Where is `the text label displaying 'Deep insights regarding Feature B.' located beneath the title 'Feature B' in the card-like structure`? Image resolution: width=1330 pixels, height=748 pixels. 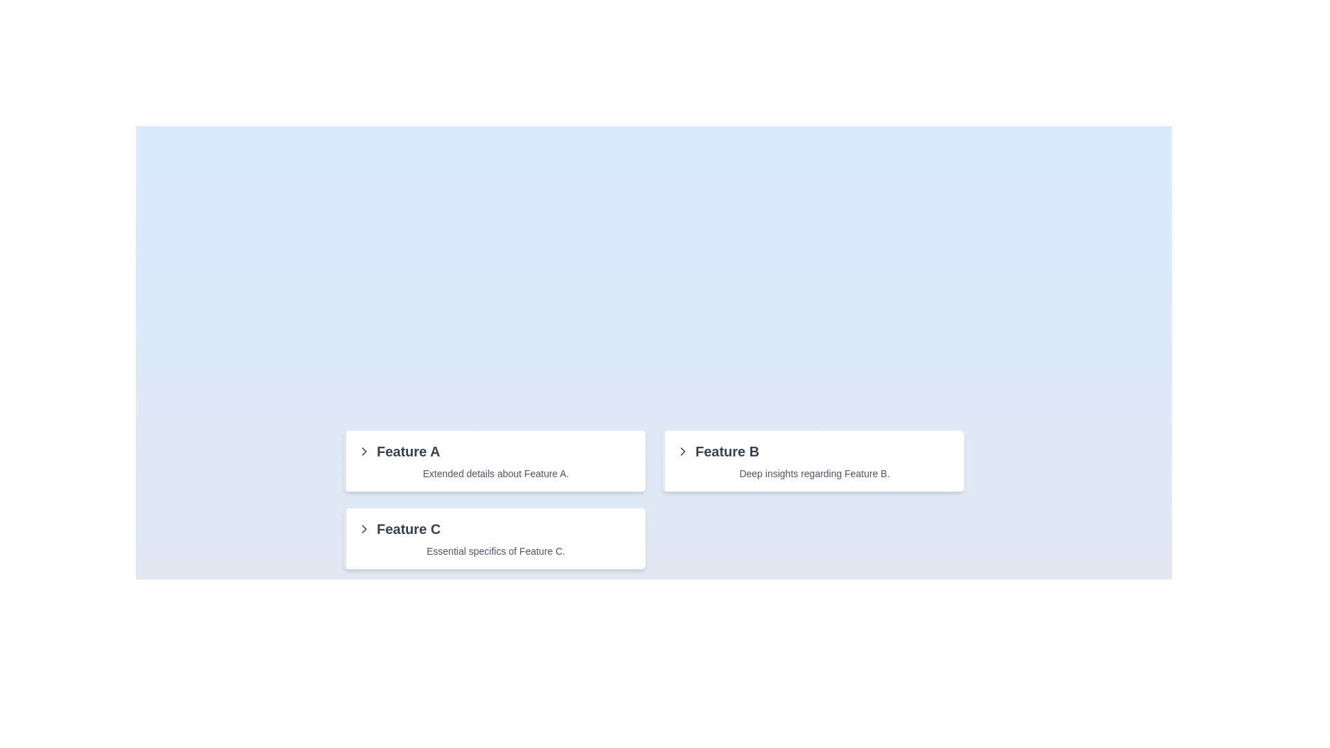
the text label displaying 'Deep insights regarding Feature B.' located beneath the title 'Feature B' in the card-like structure is located at coordinates (815, 472).